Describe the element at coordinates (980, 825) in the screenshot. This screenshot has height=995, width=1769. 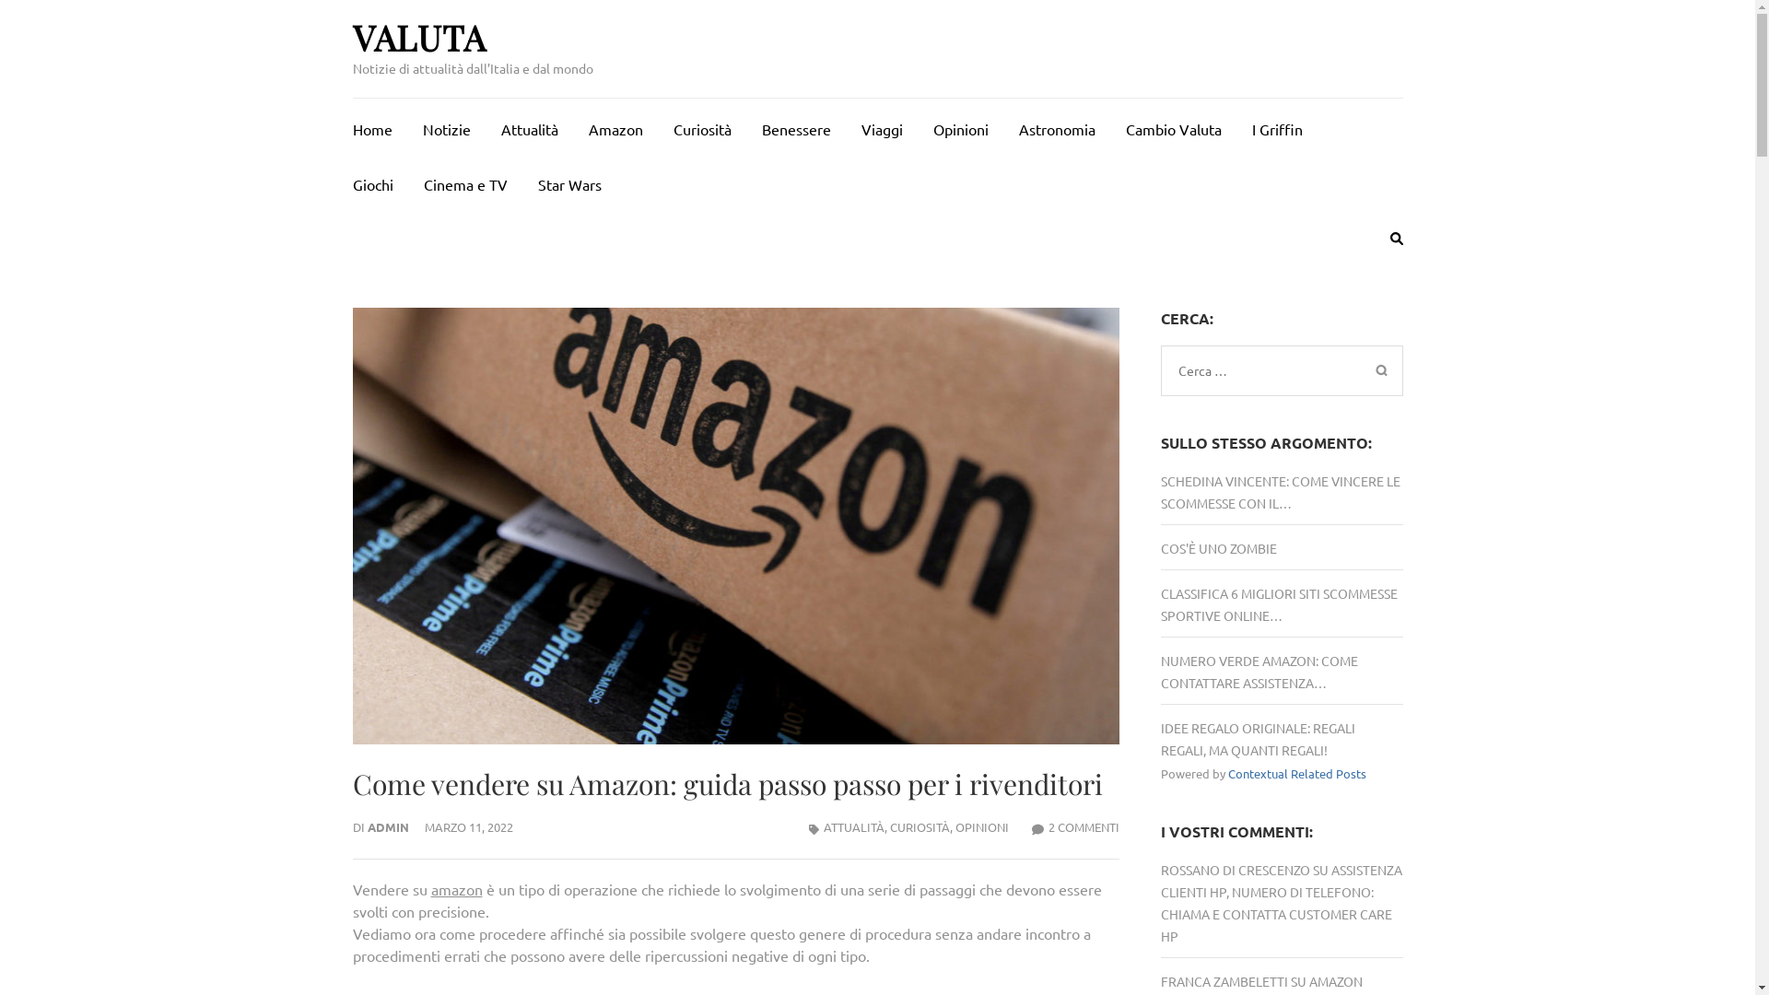
I see `'OPINIONI'` at that location.